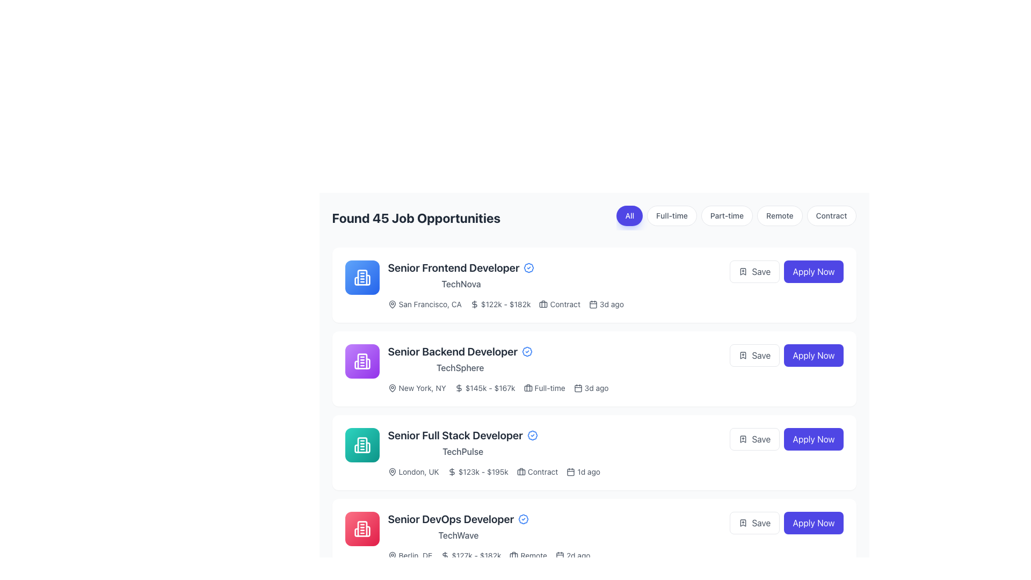 The image size is (1031, 580). I want to click on job details provided in the textual information element located directly underneath the job listing titled 'Senior DevOps Developer', centered horizontally within the job listing block, so click(615, 555).